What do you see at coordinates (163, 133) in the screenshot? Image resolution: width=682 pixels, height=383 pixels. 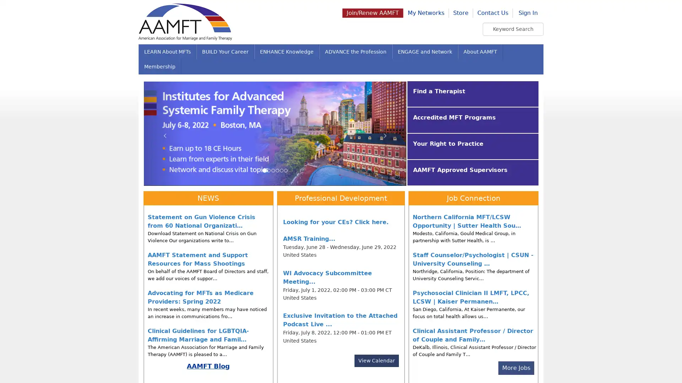 I see `Previous` at bounding box center [163, 133].